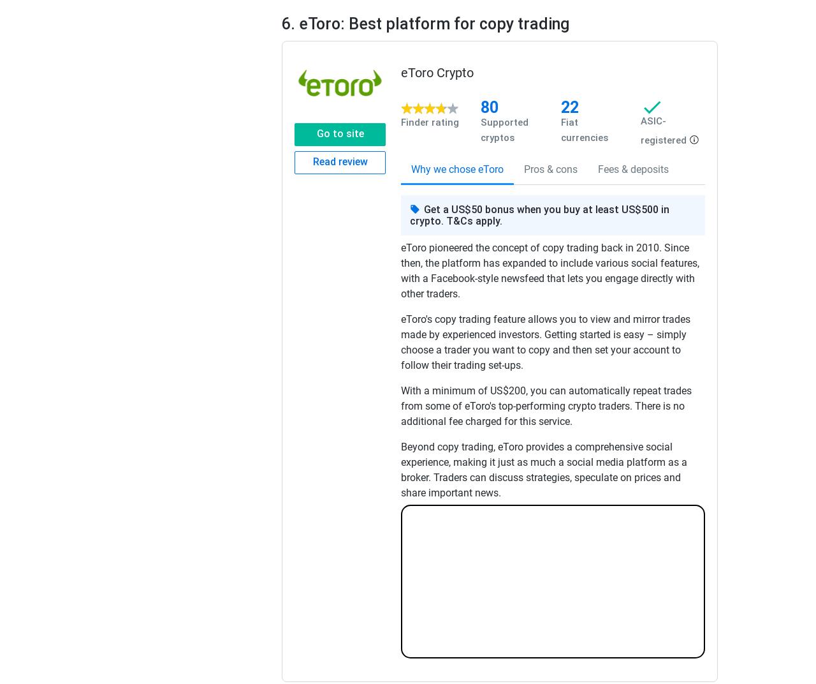 The width and height of the screenshot is (816, 684). I want to click on '80', so click(489, 107).